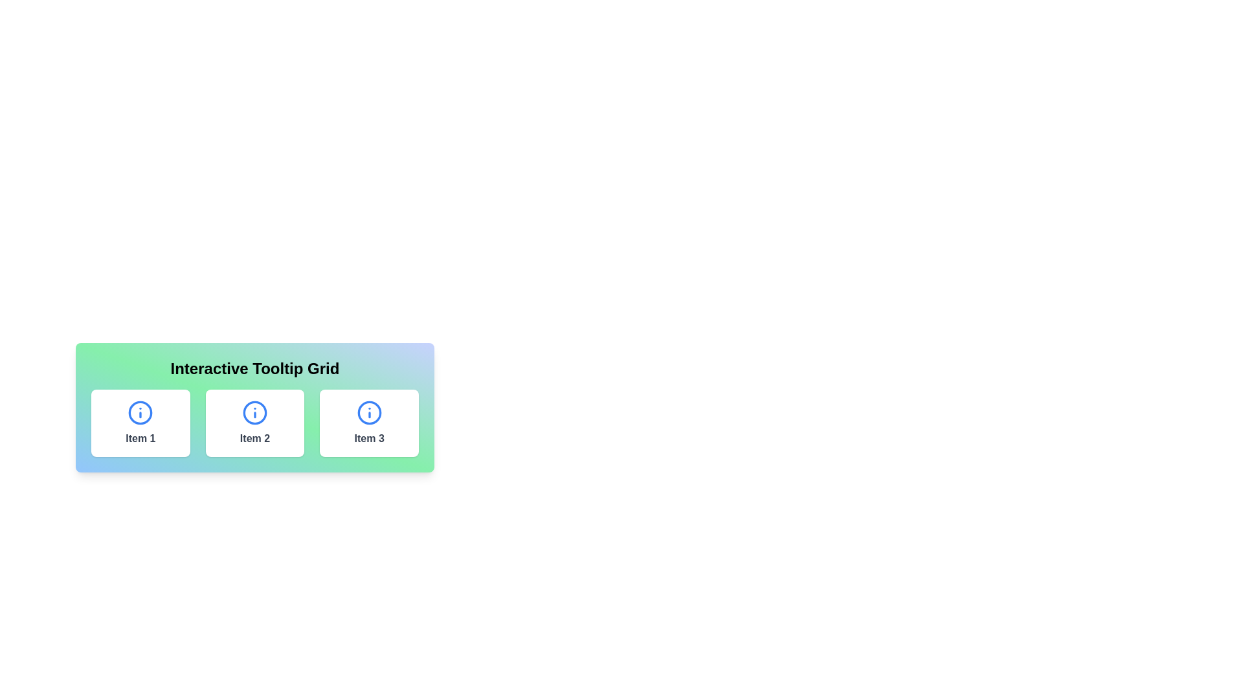 This screenshot has height=699, width=1243. Describe the element at coordinates (368, 412) in the screenshot. I see `the information icon located centrally within the card labeled 'Item 3' in the third column of the grid` at that location.